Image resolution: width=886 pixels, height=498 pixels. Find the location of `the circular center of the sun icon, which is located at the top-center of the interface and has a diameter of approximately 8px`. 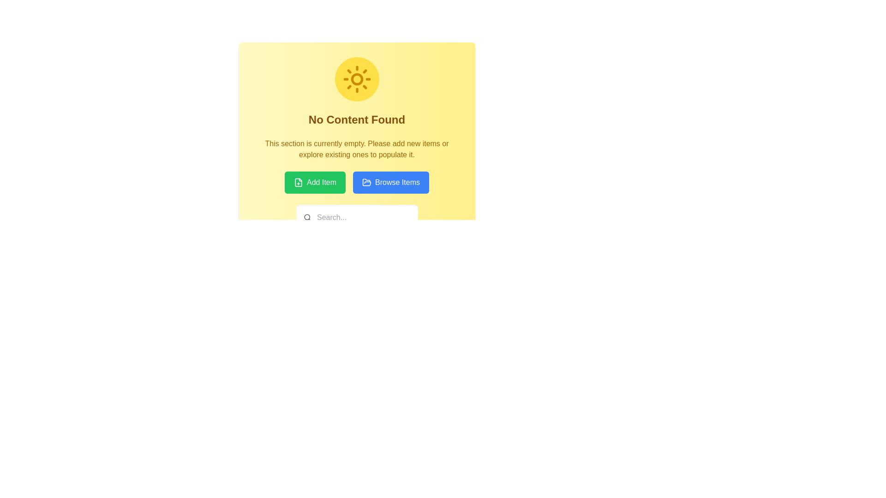

the circular center of the sun icon, which is located at the top-center of the interface and has a diameter of approximately 8px is located at coordinates (356, 79).